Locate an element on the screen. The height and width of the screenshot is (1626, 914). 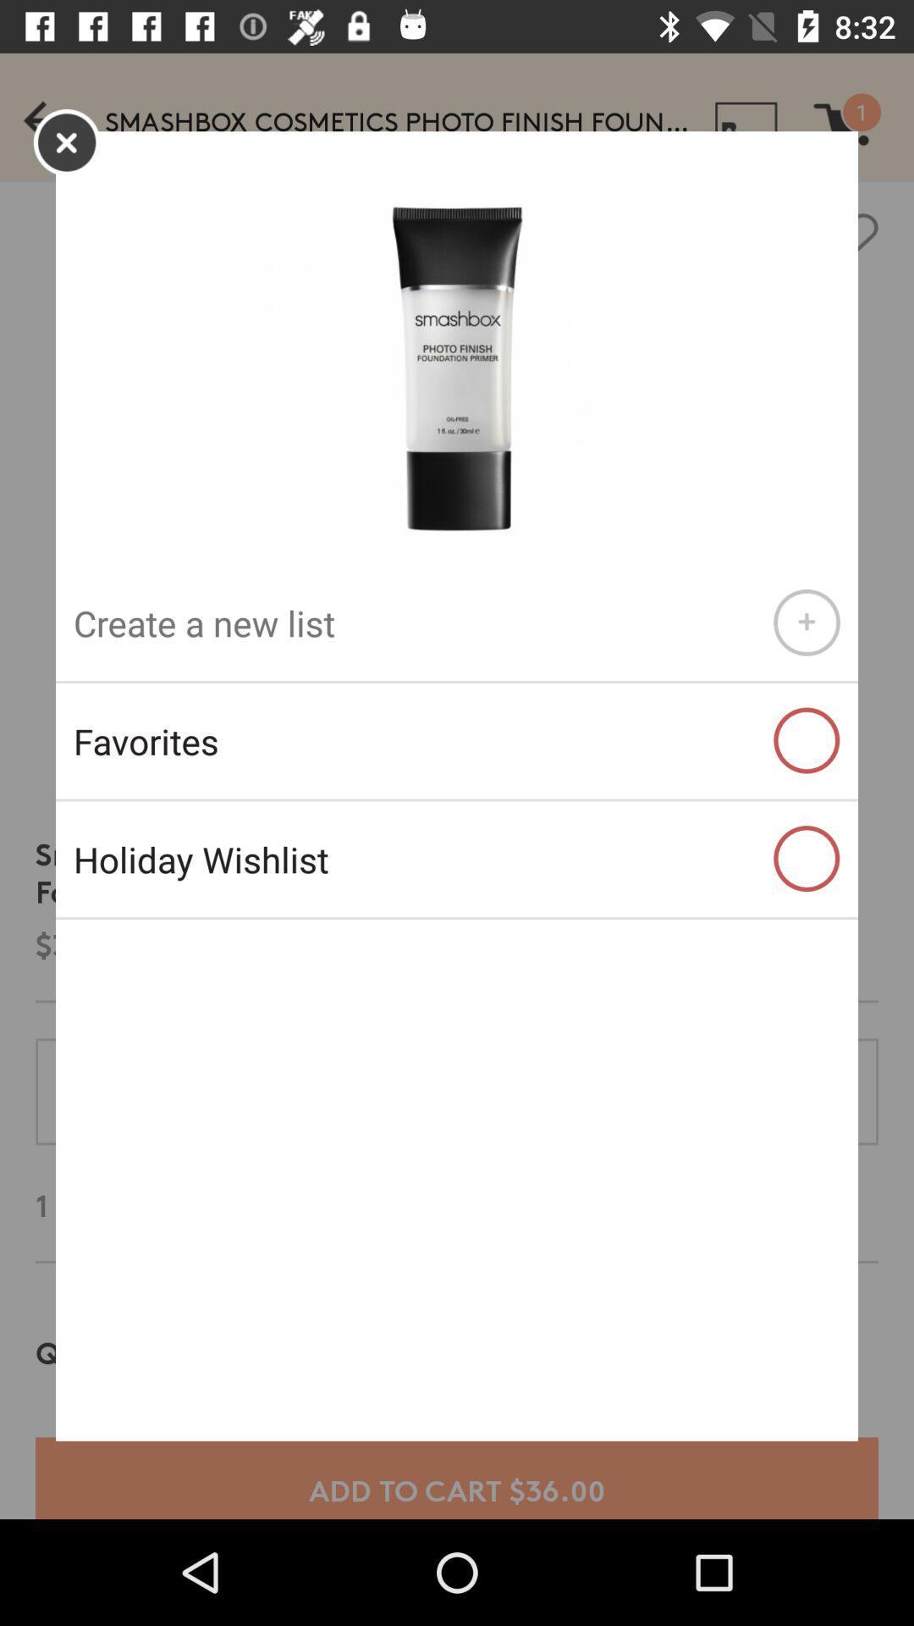
the radio button which is to the right side of the holiday wishlist is located at coordinates (806, 859).